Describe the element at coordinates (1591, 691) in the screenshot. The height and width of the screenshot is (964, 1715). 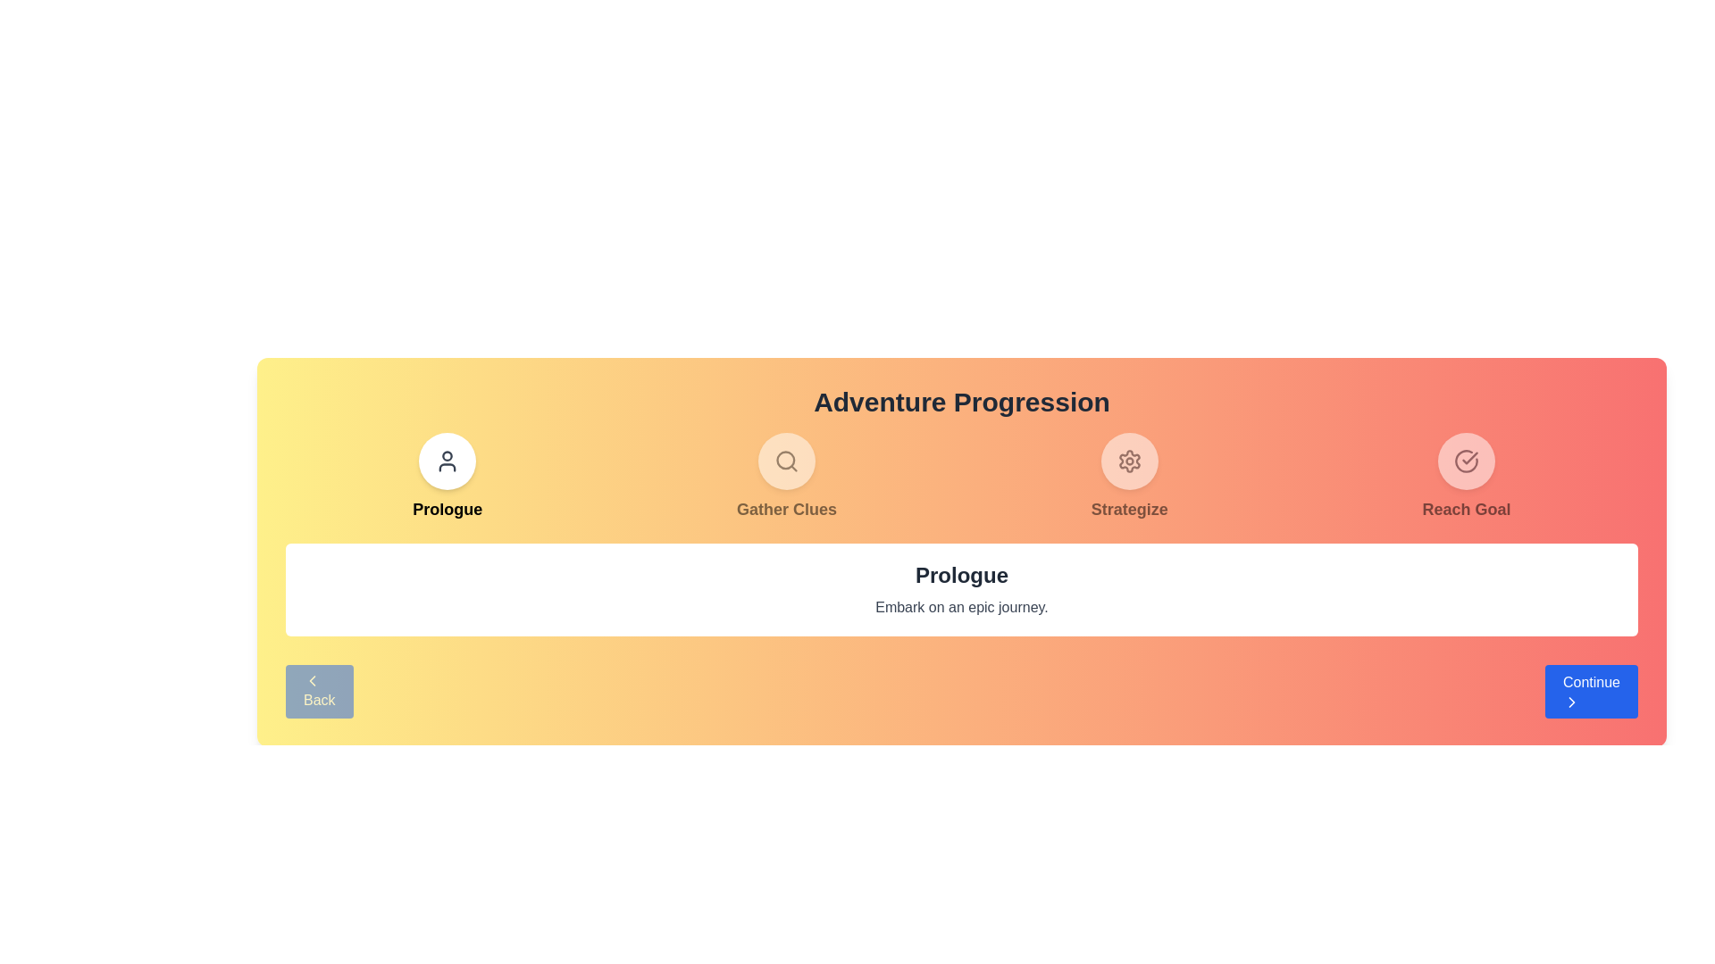
I see `the 'Continue' button to navigate to the next step` at that location.